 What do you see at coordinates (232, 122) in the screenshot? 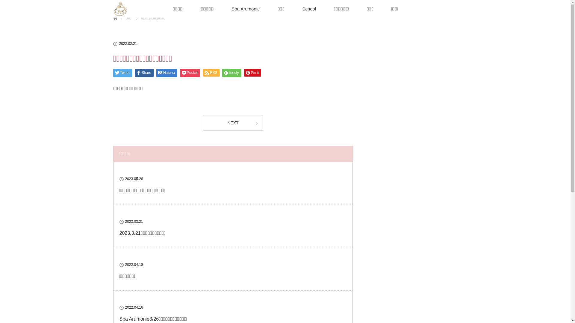
I see `'NEXT'` at bounding box center [232, 122].